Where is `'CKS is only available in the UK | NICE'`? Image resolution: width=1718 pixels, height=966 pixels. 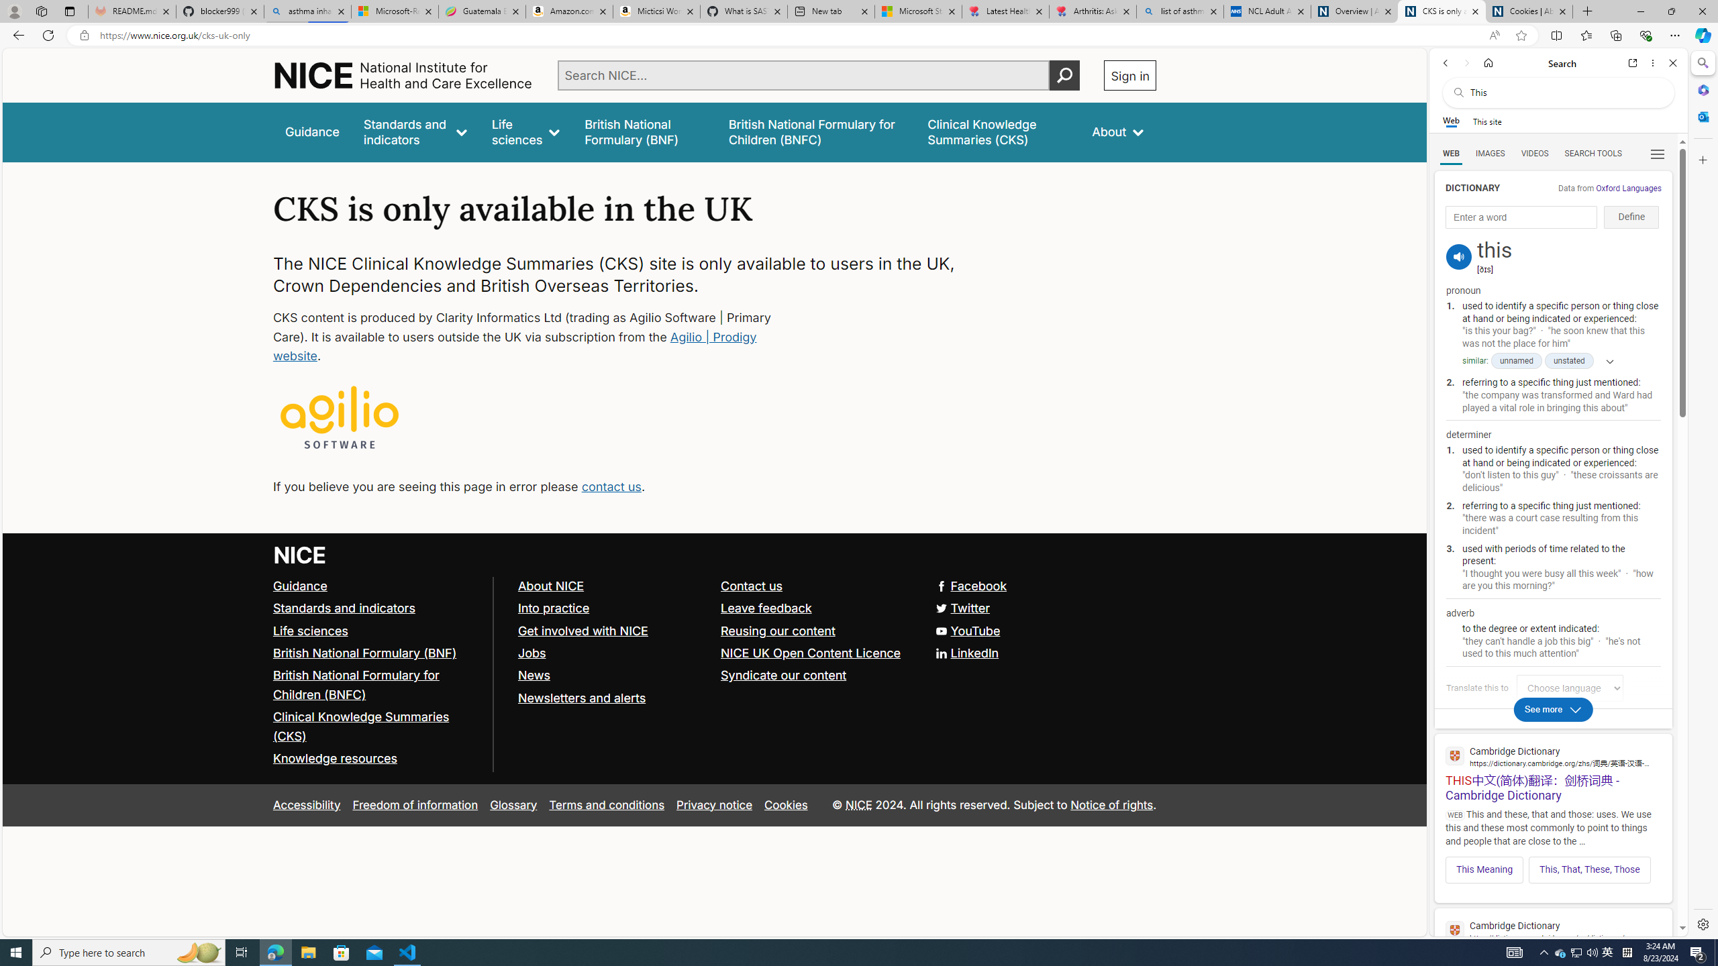 'CKS is only available in the UK | NICE' is located at coordinates (1442, 11).